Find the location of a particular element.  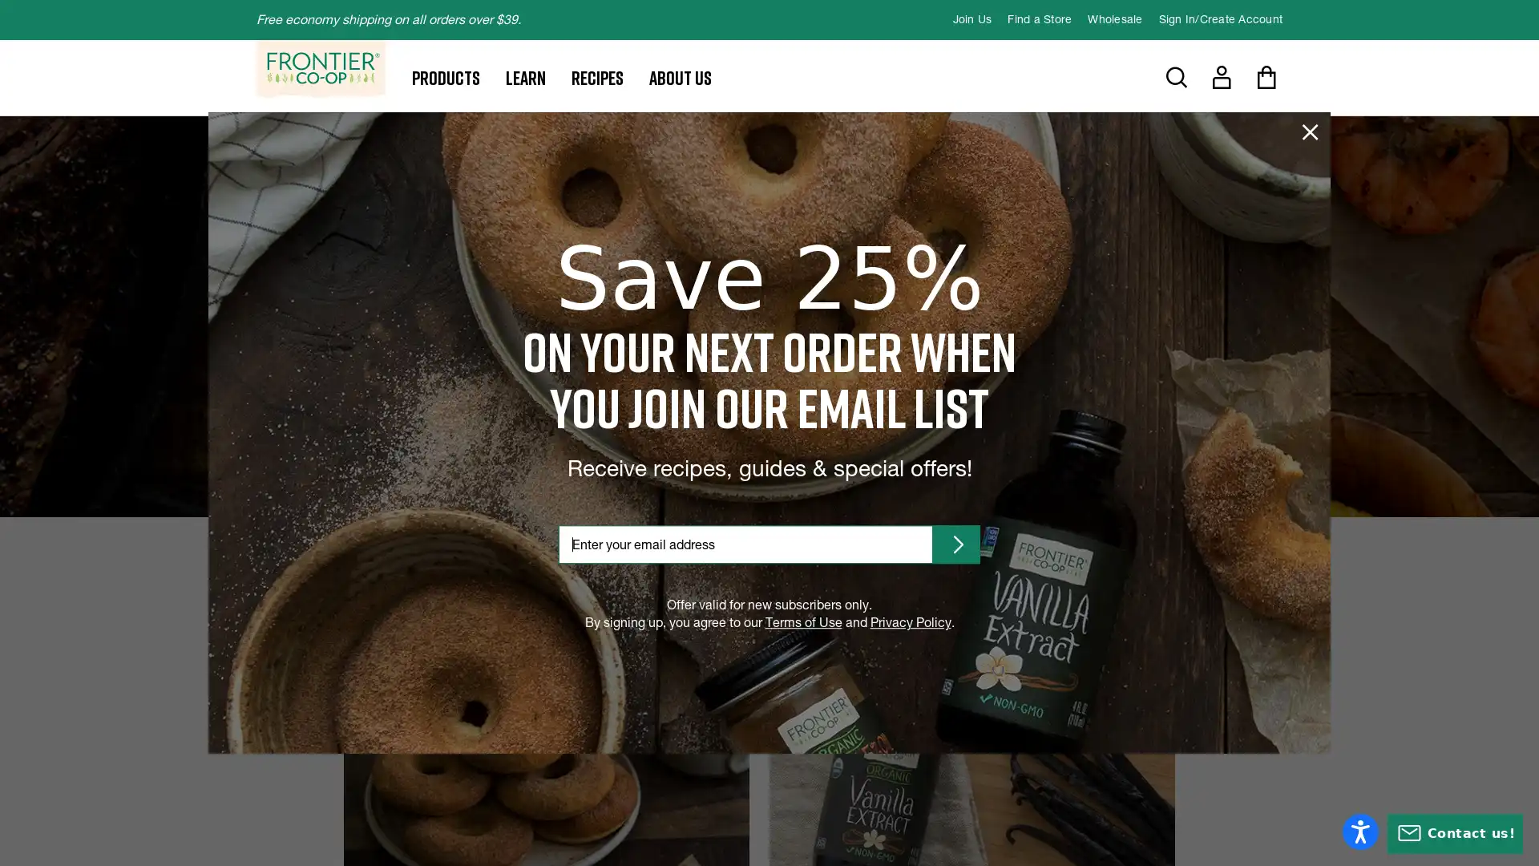

ltkpopup-arrow-btn is located at coordinates (956, 543).